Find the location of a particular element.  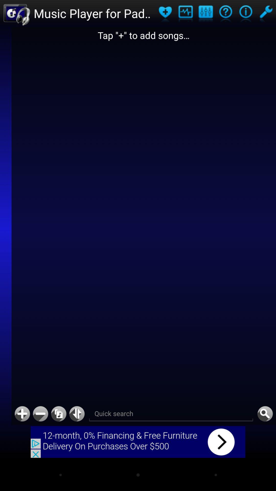

decrease audio is located at coordinates (40, 414).